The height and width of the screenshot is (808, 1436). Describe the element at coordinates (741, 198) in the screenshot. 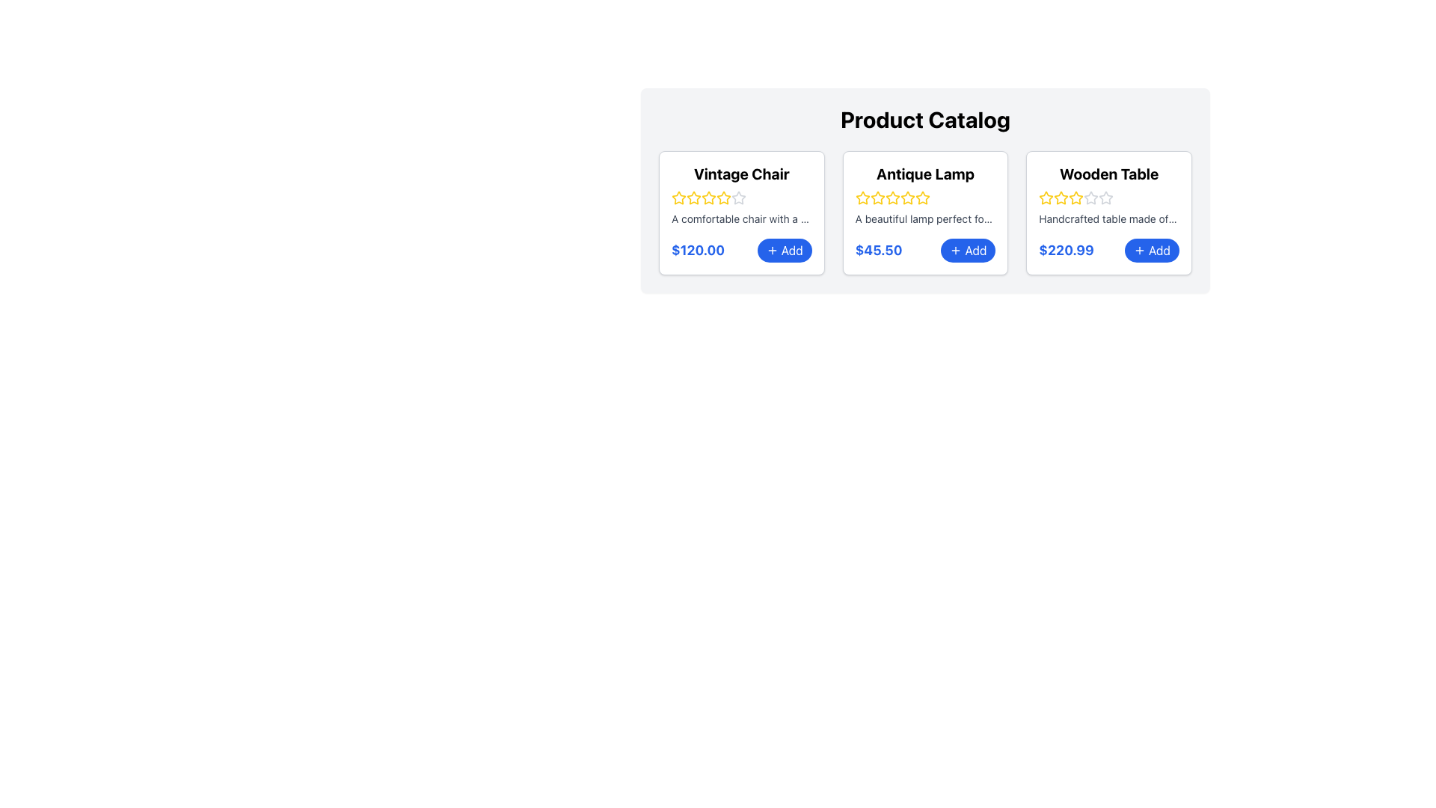

I see `the individual stars of the Rating Display for the 'Vintage Chair', which consists of five star icons with the first four filled in yellow and the fifth one empty` at that location.